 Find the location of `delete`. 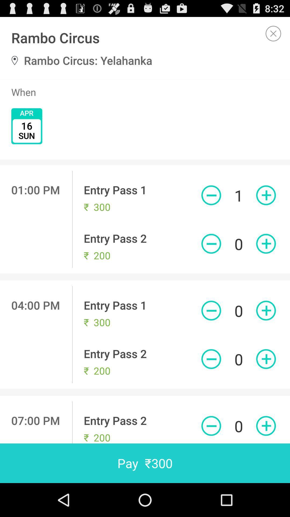

delete is located at coordinates (211, 243).